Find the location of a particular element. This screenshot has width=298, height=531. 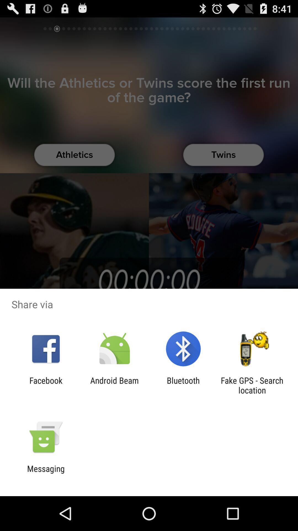

icon next to the android beam is located at coordinates (46, 385).